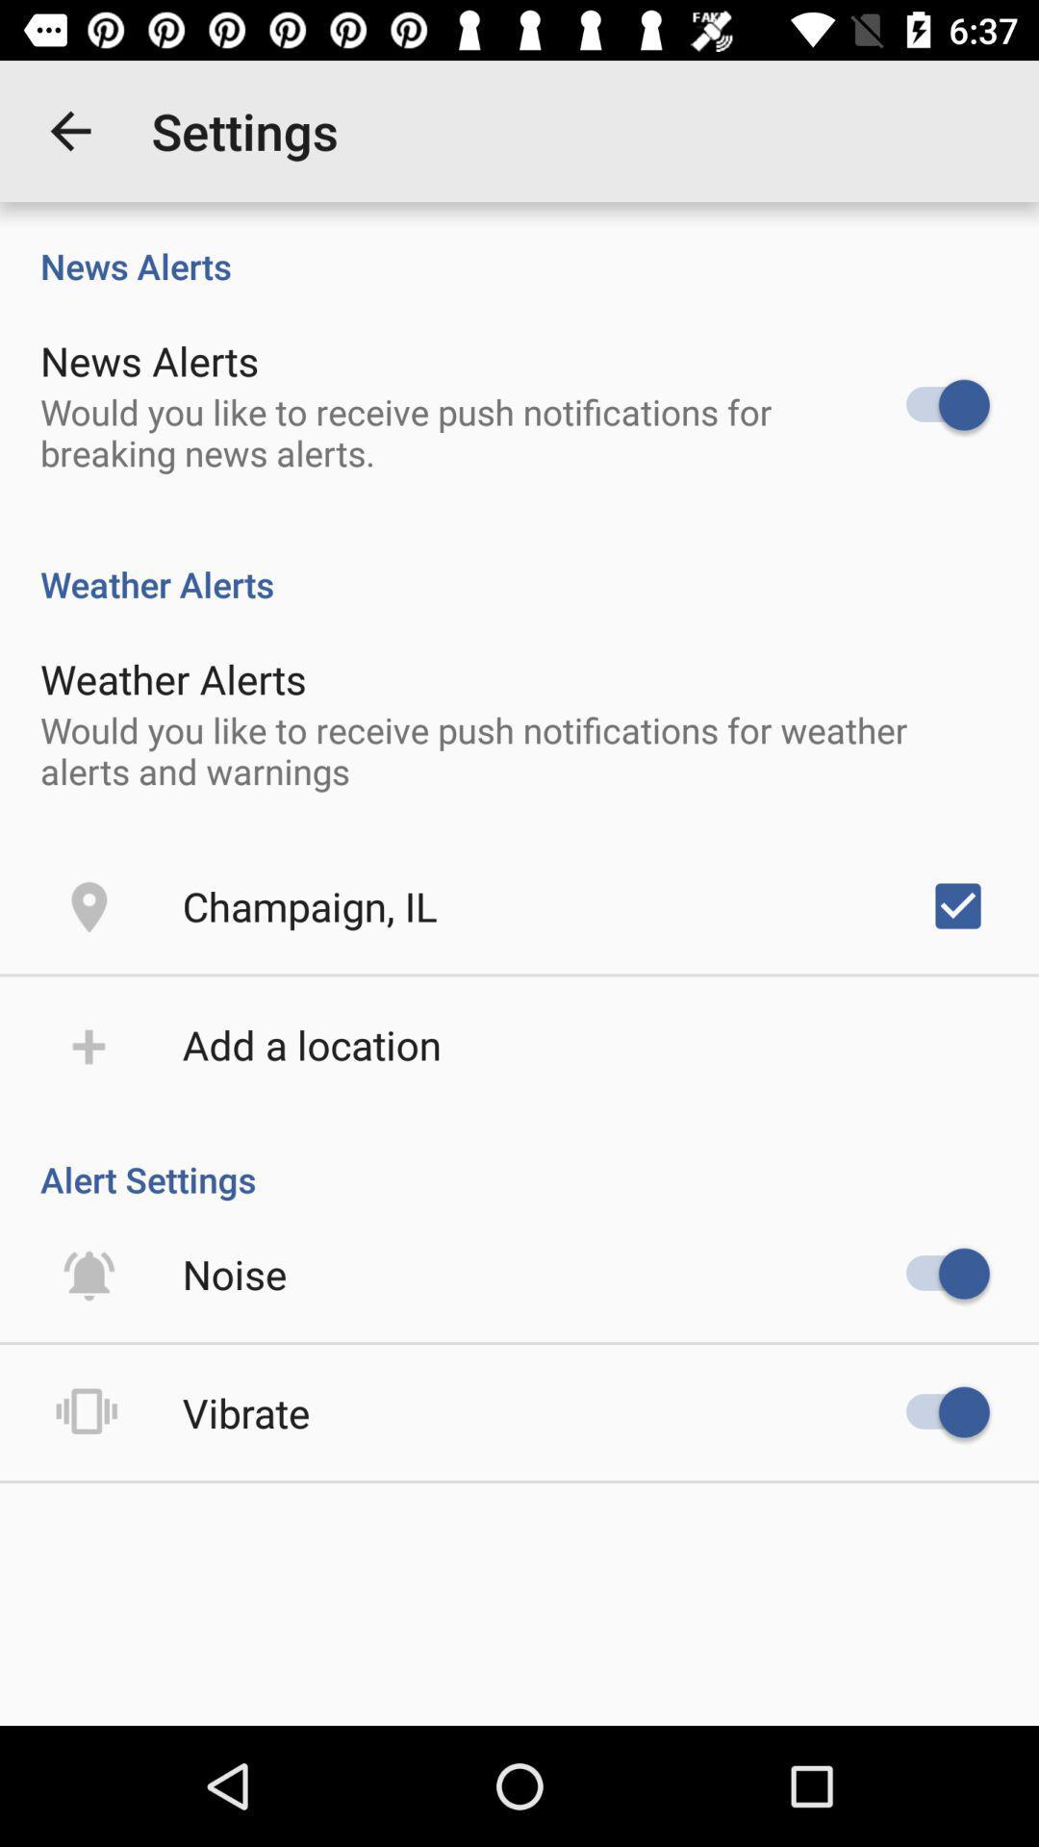 The width and height of the screenshot is (1039, 1847). Describe the element at coordinates (234, 1274) in the screenshot. I see `the icon above the vibrate` at that location.